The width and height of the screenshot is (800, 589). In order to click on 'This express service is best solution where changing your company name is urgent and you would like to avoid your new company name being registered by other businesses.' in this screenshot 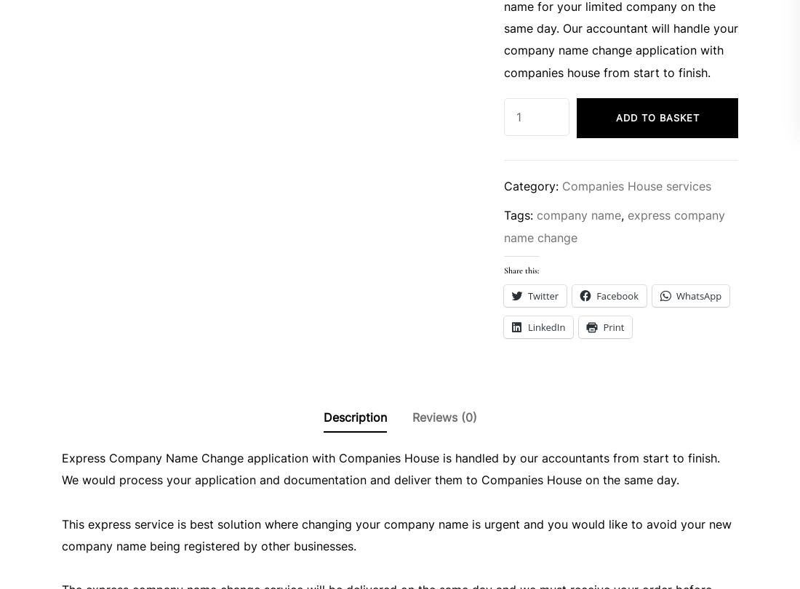, I will do `click(396, 533)`.